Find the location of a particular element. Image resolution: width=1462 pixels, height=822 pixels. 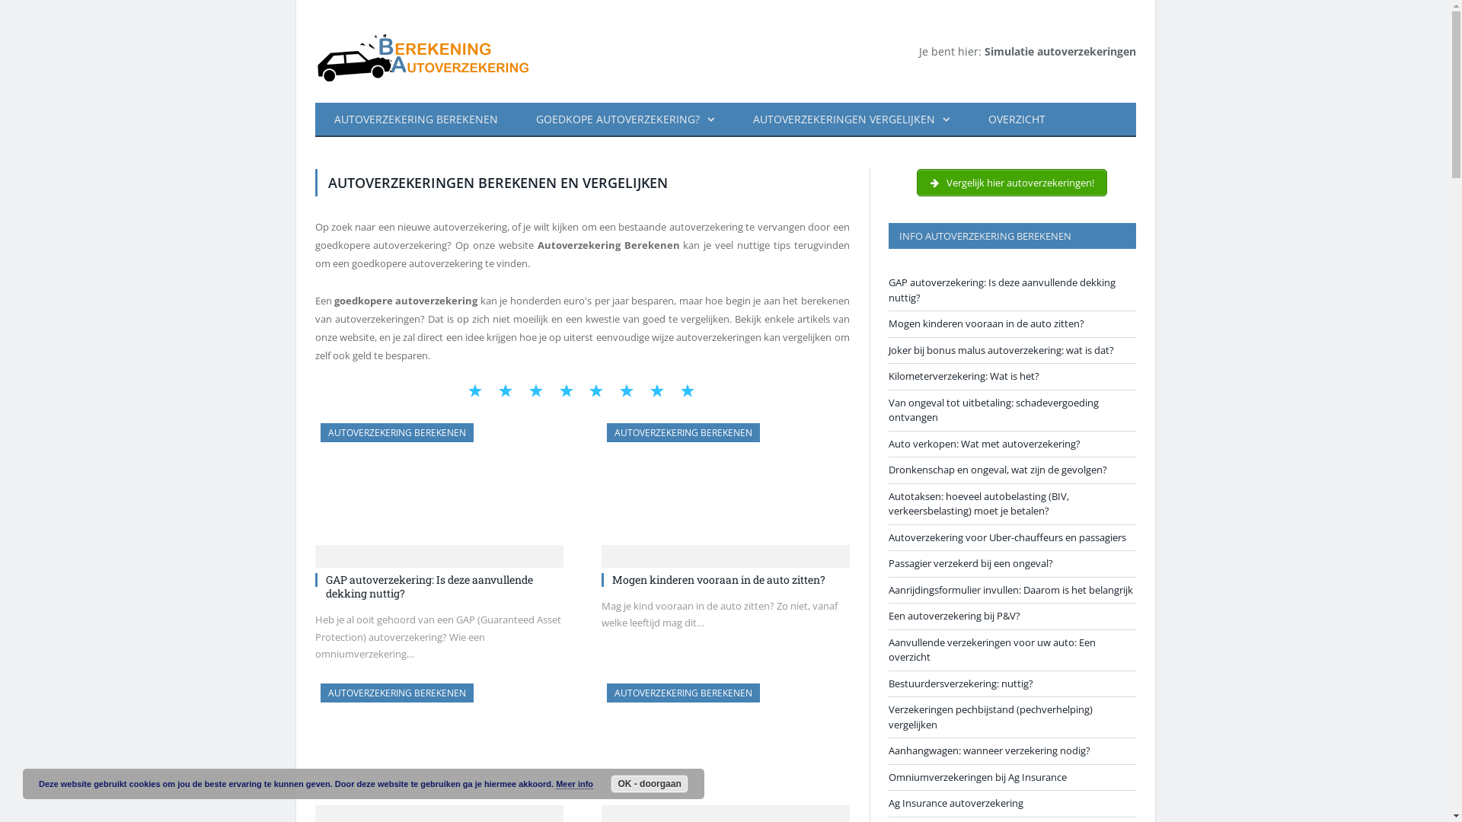

'Aanrijdingsformulier invullen: Daarom is het belangrijk' is located at coordinates (1010, 589).